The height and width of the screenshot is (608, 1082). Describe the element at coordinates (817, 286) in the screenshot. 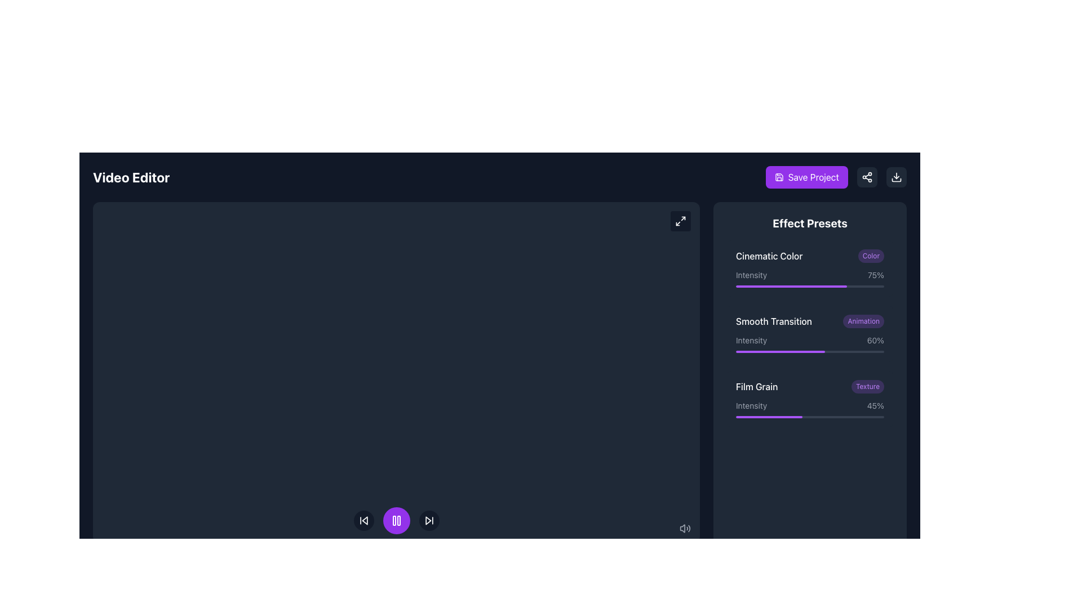

I see `Cinematic Color Intensity` at that location.